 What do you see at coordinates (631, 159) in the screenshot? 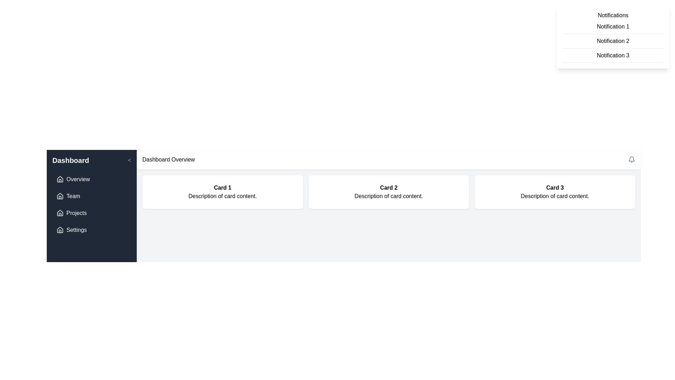
I see `the main body of the bell icon located at the top-right corner of the interface, which is part of a decorative SVG graphic for notifications` at bounding box center [631, 159].